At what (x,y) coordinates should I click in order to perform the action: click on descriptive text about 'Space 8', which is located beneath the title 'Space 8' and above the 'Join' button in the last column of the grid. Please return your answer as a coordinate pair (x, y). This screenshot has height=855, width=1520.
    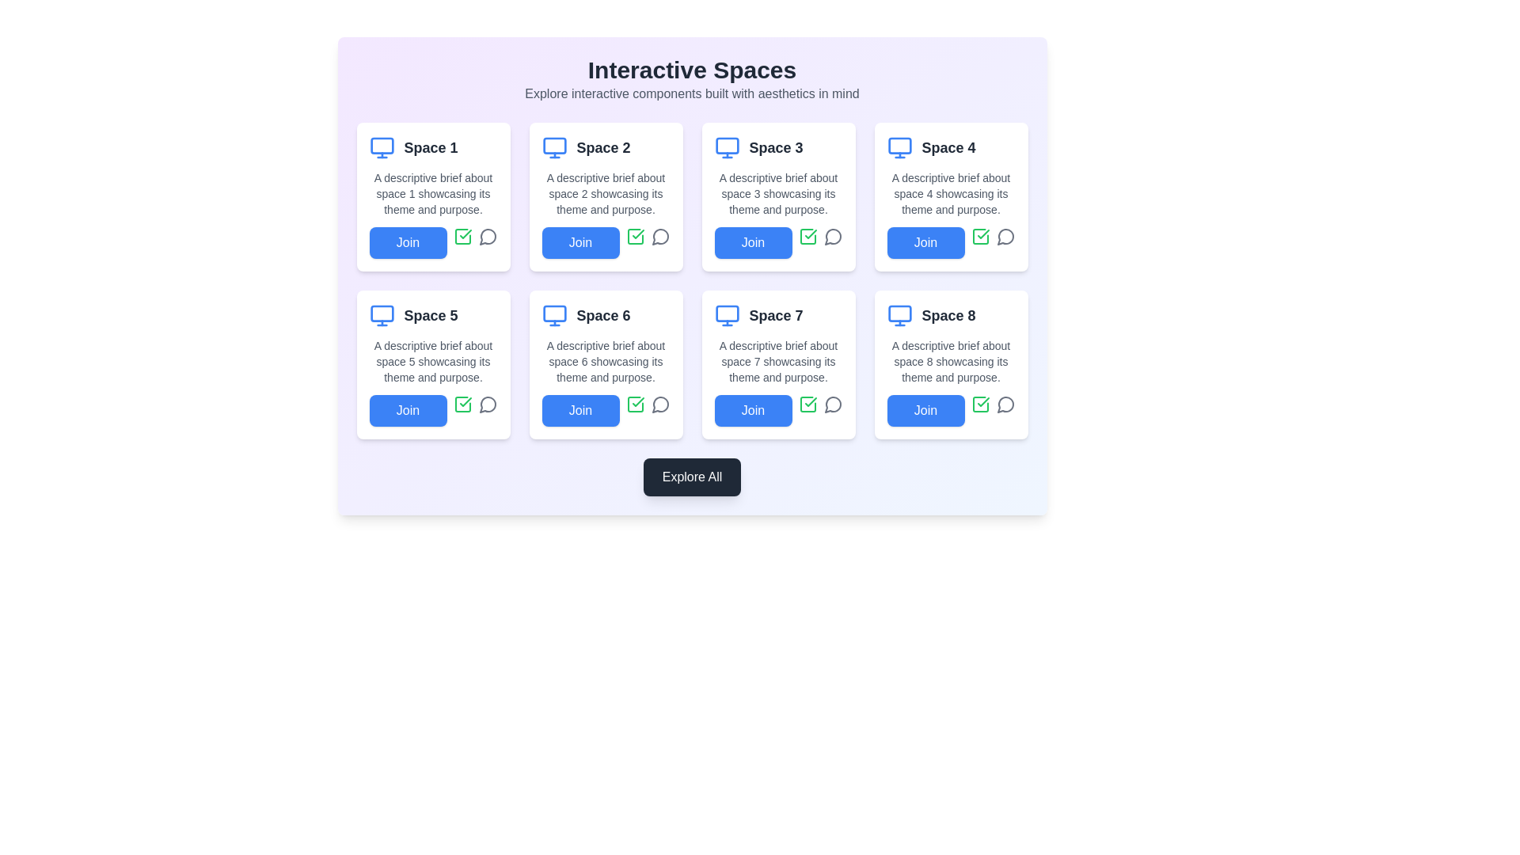
    Looking at the image, I should click on (950, 361).